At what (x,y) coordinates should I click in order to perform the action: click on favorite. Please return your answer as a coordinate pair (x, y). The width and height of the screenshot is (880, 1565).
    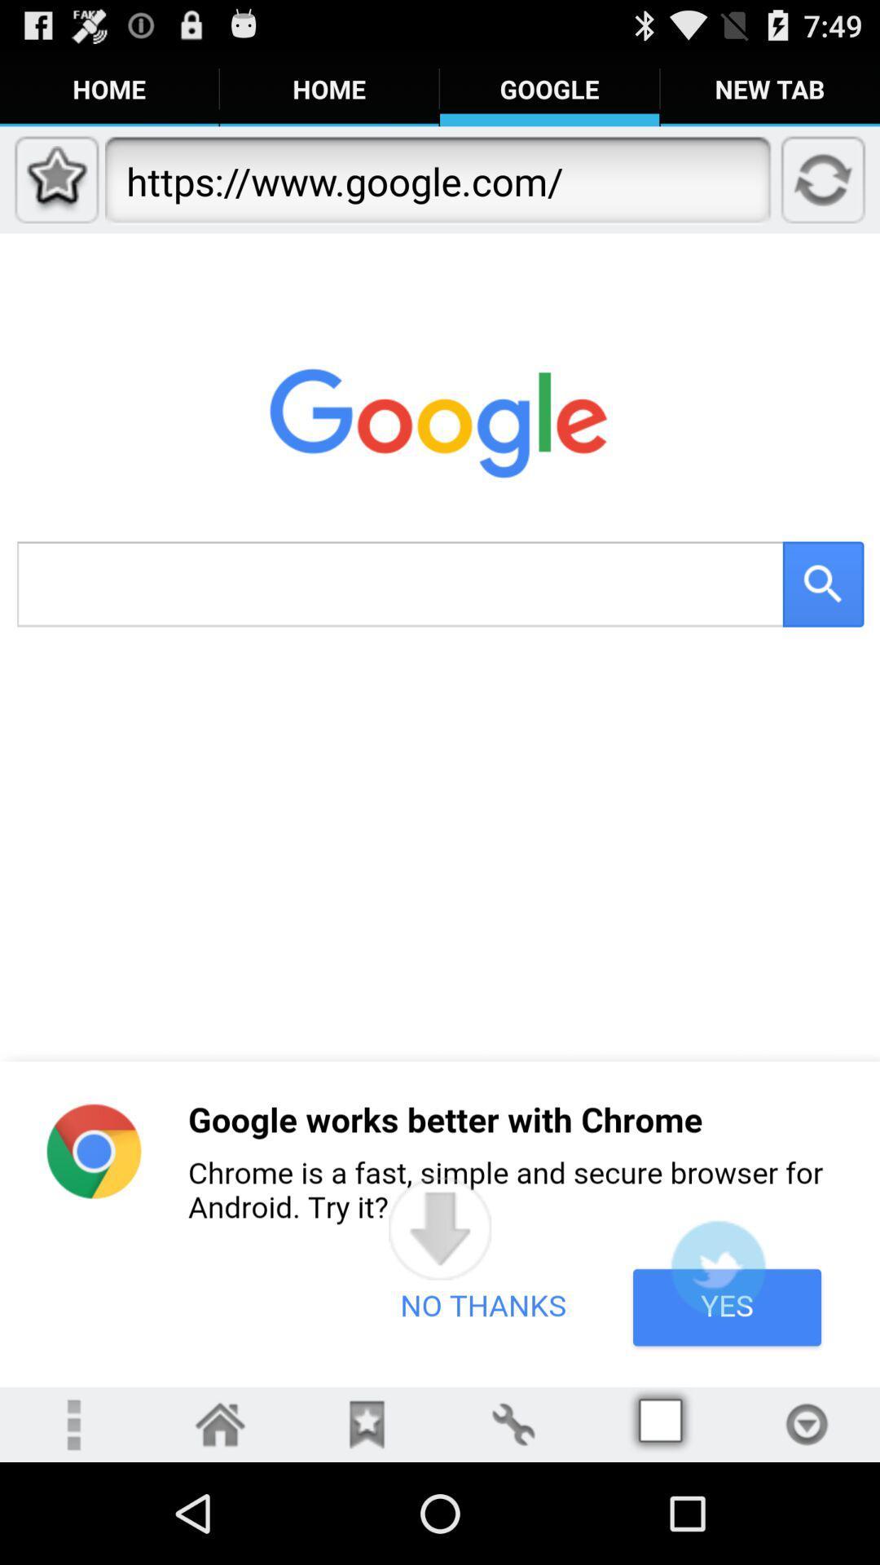
    Looking at the image, I should click on (367, 1423).